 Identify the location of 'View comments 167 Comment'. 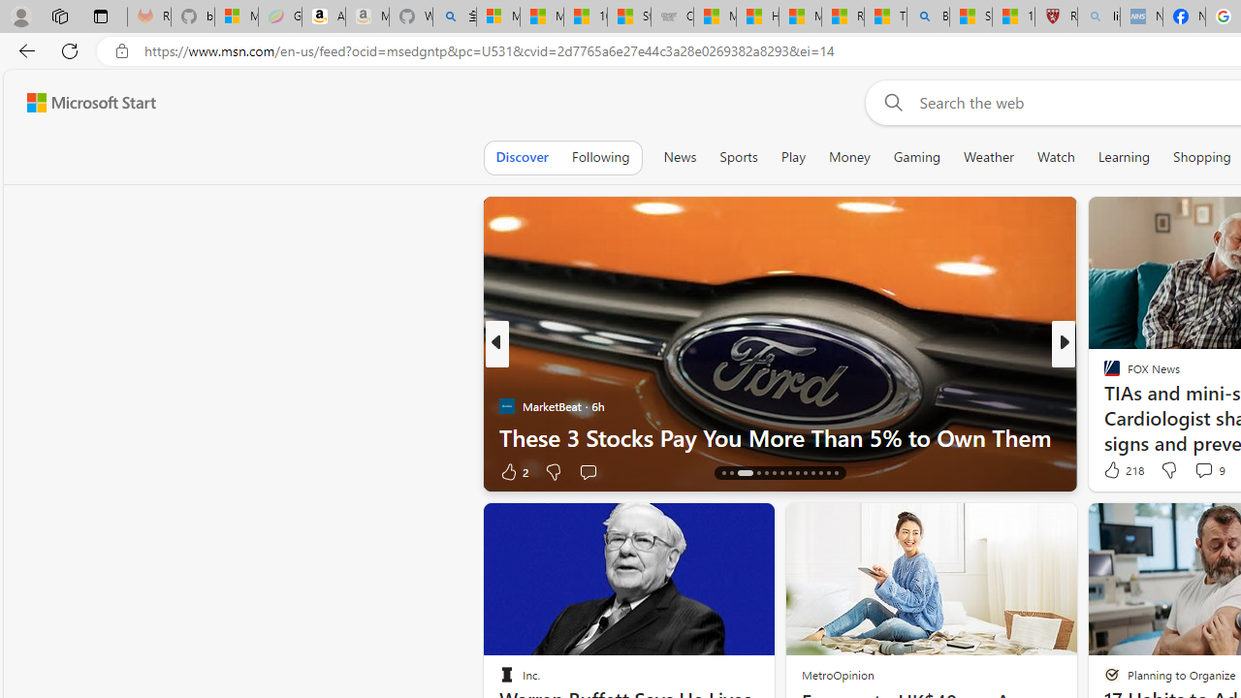
(1209, 471).